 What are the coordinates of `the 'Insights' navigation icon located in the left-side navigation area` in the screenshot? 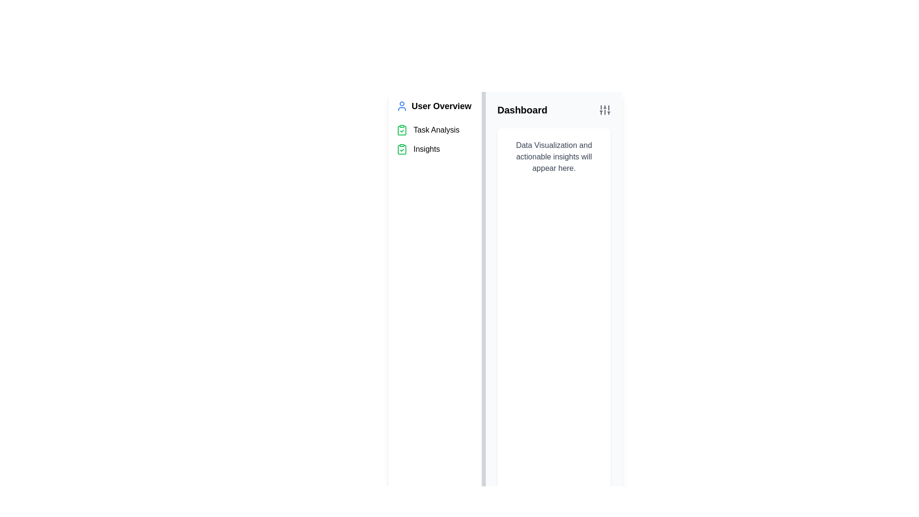 It's located at (402, 130).